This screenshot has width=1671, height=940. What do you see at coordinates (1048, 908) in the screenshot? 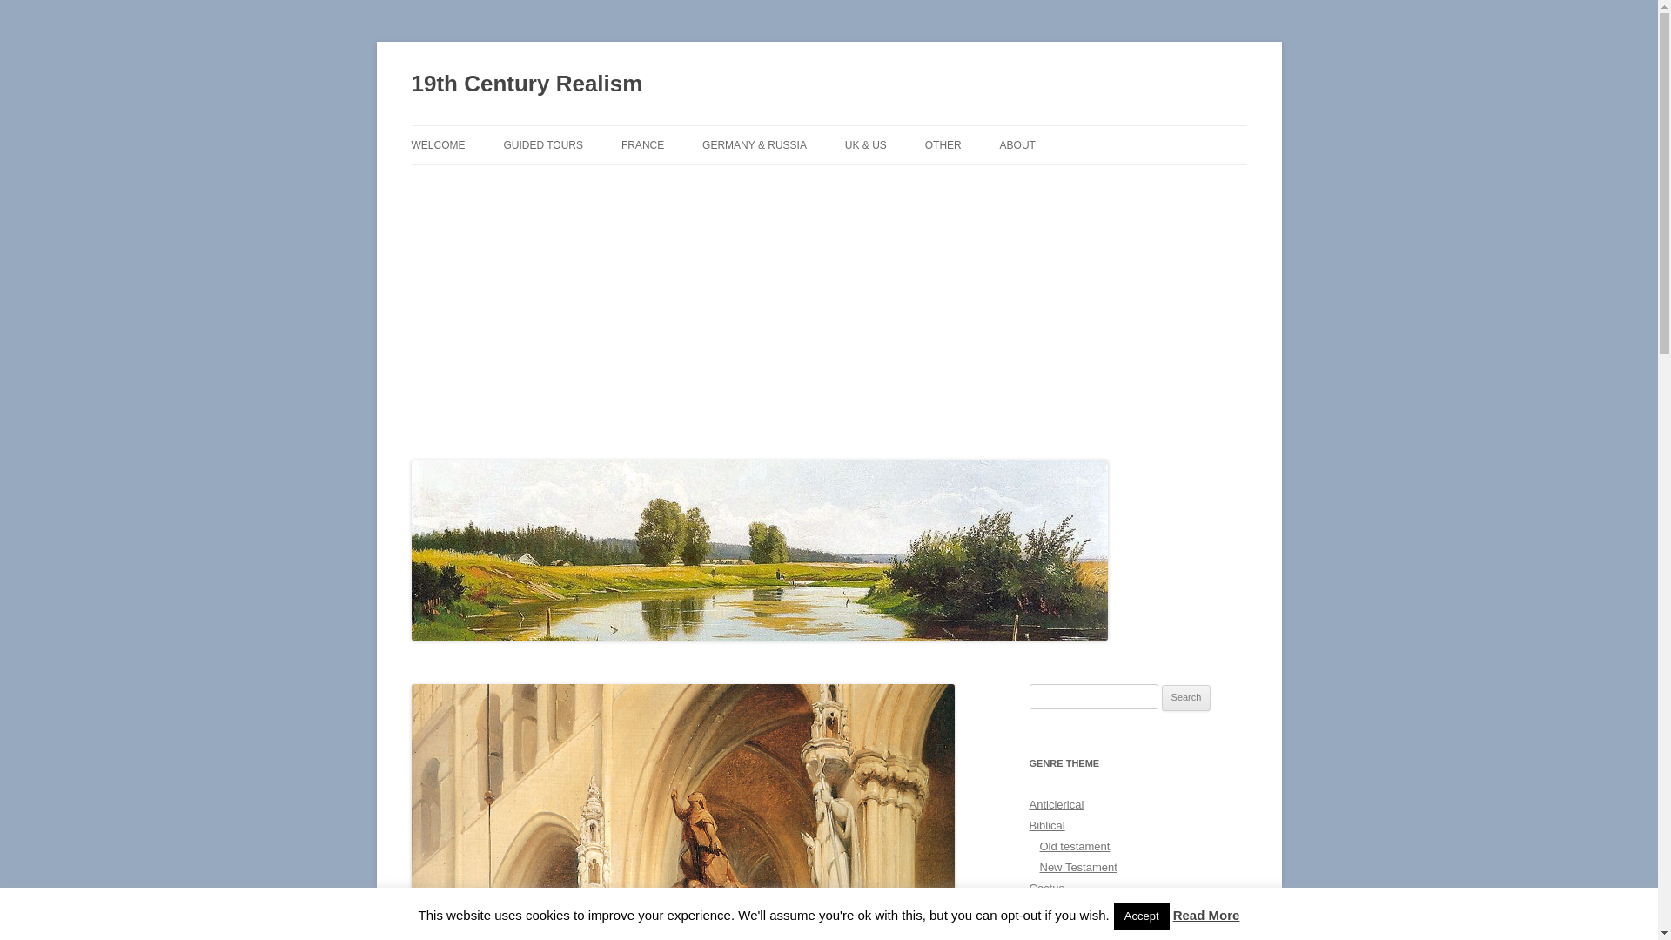
I see `'Children'` at bounding box center [1048, 908].